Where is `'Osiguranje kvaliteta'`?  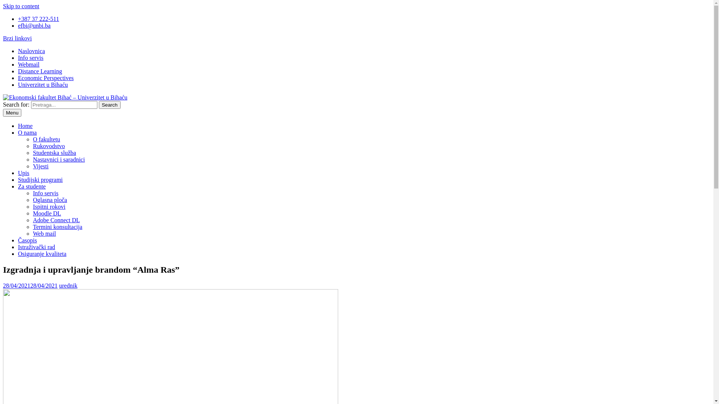
'Osiguranje kvaliteta' is located at coordinates (42, 253).